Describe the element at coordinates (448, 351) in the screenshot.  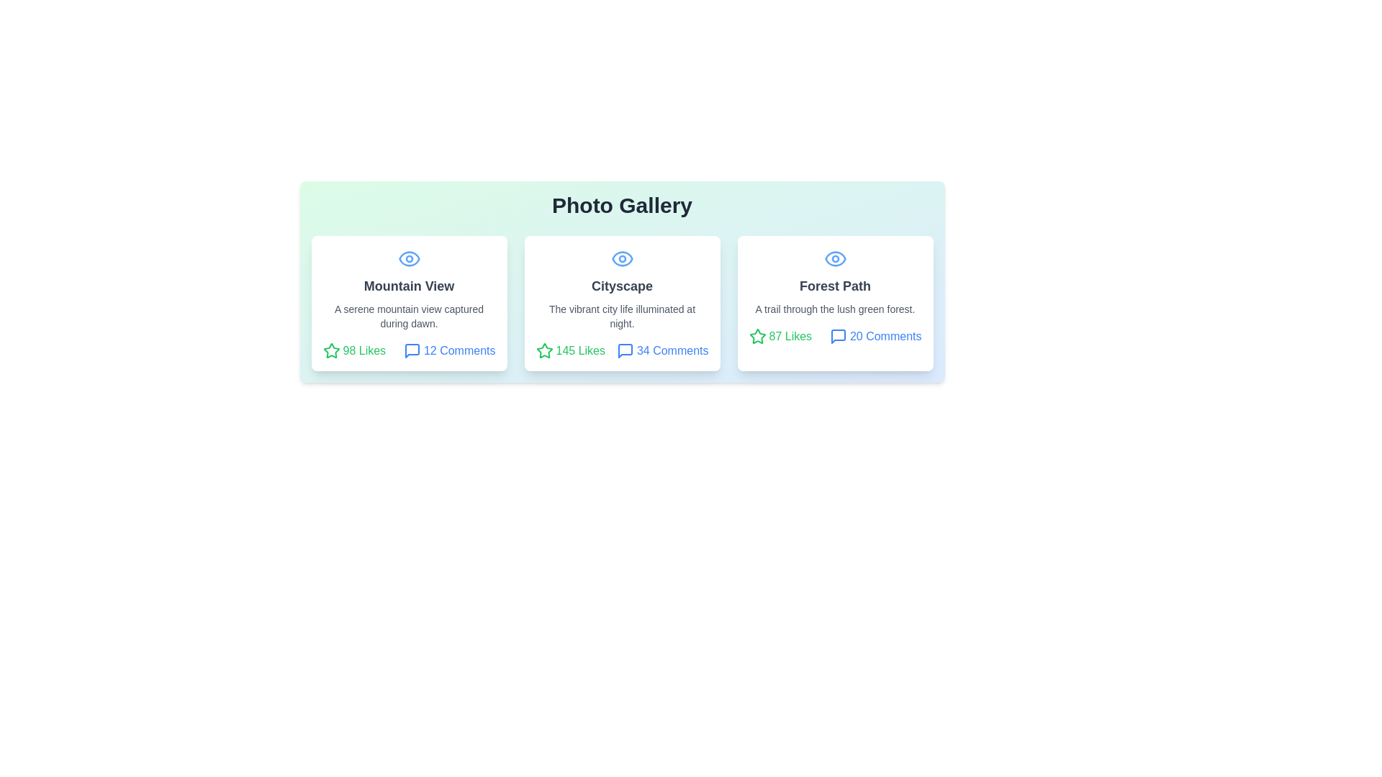
I see `the comments count for the photo titled Mountain View` at that location.